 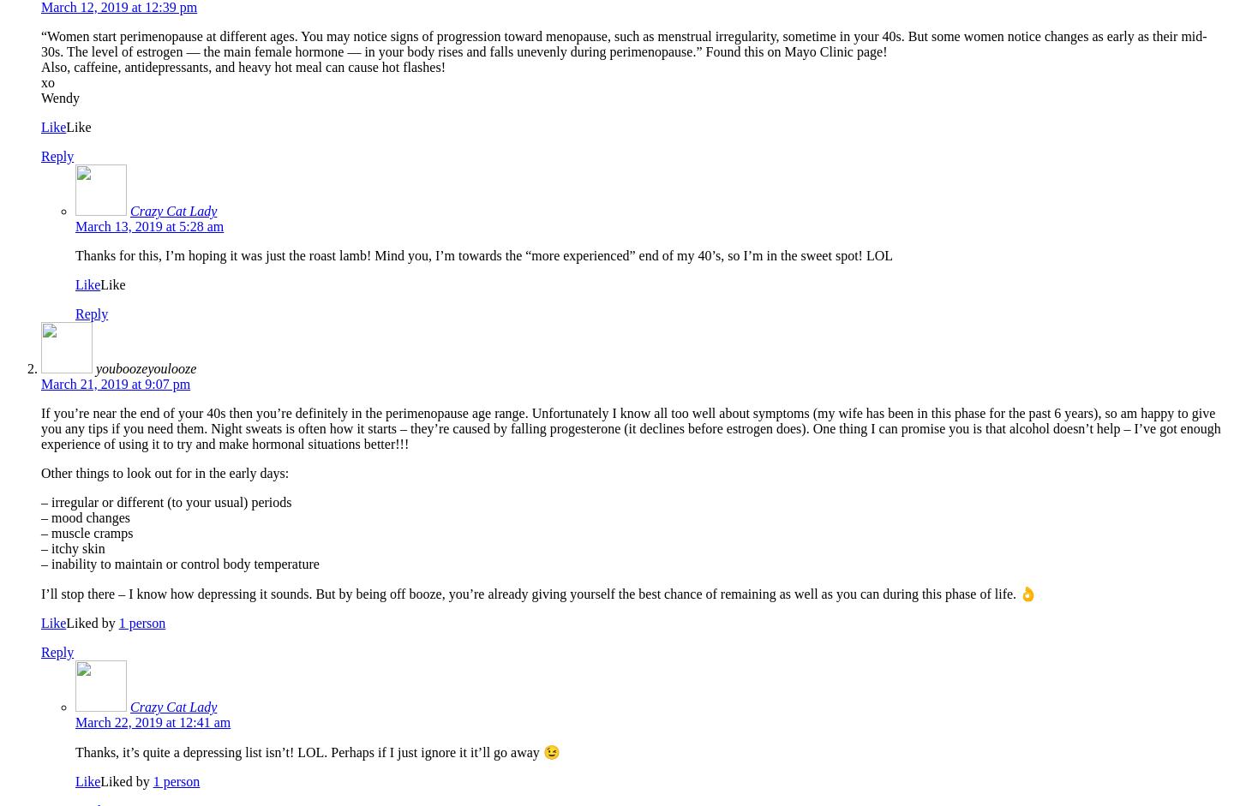 I want to click on 'I’ll stop there – I know how depressing it sounds. But by being off booze, you’re already giving yourself the best chance of remaining as well as you can during this phase of life. 👌', so click(x=537, y=594).